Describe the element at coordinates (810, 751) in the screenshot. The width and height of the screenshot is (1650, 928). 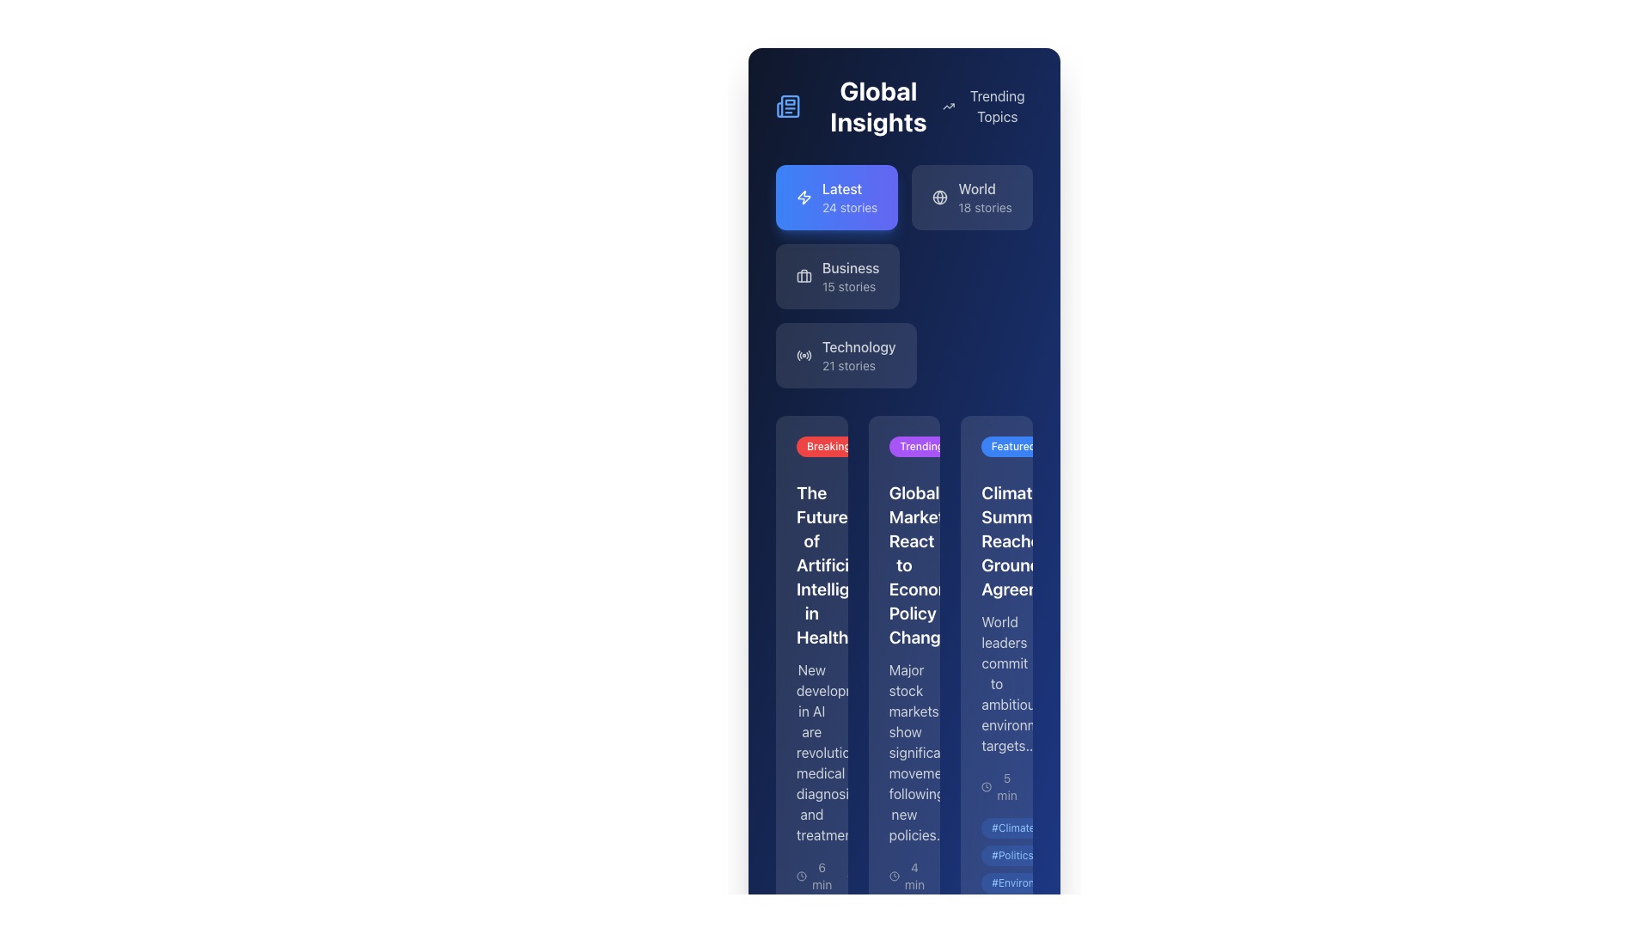
I see `the text block element containing the message about AI's impact on medical diagnosis, located below the heading 'The Future of Artificial Intelligence in Healthcare'` at that location.